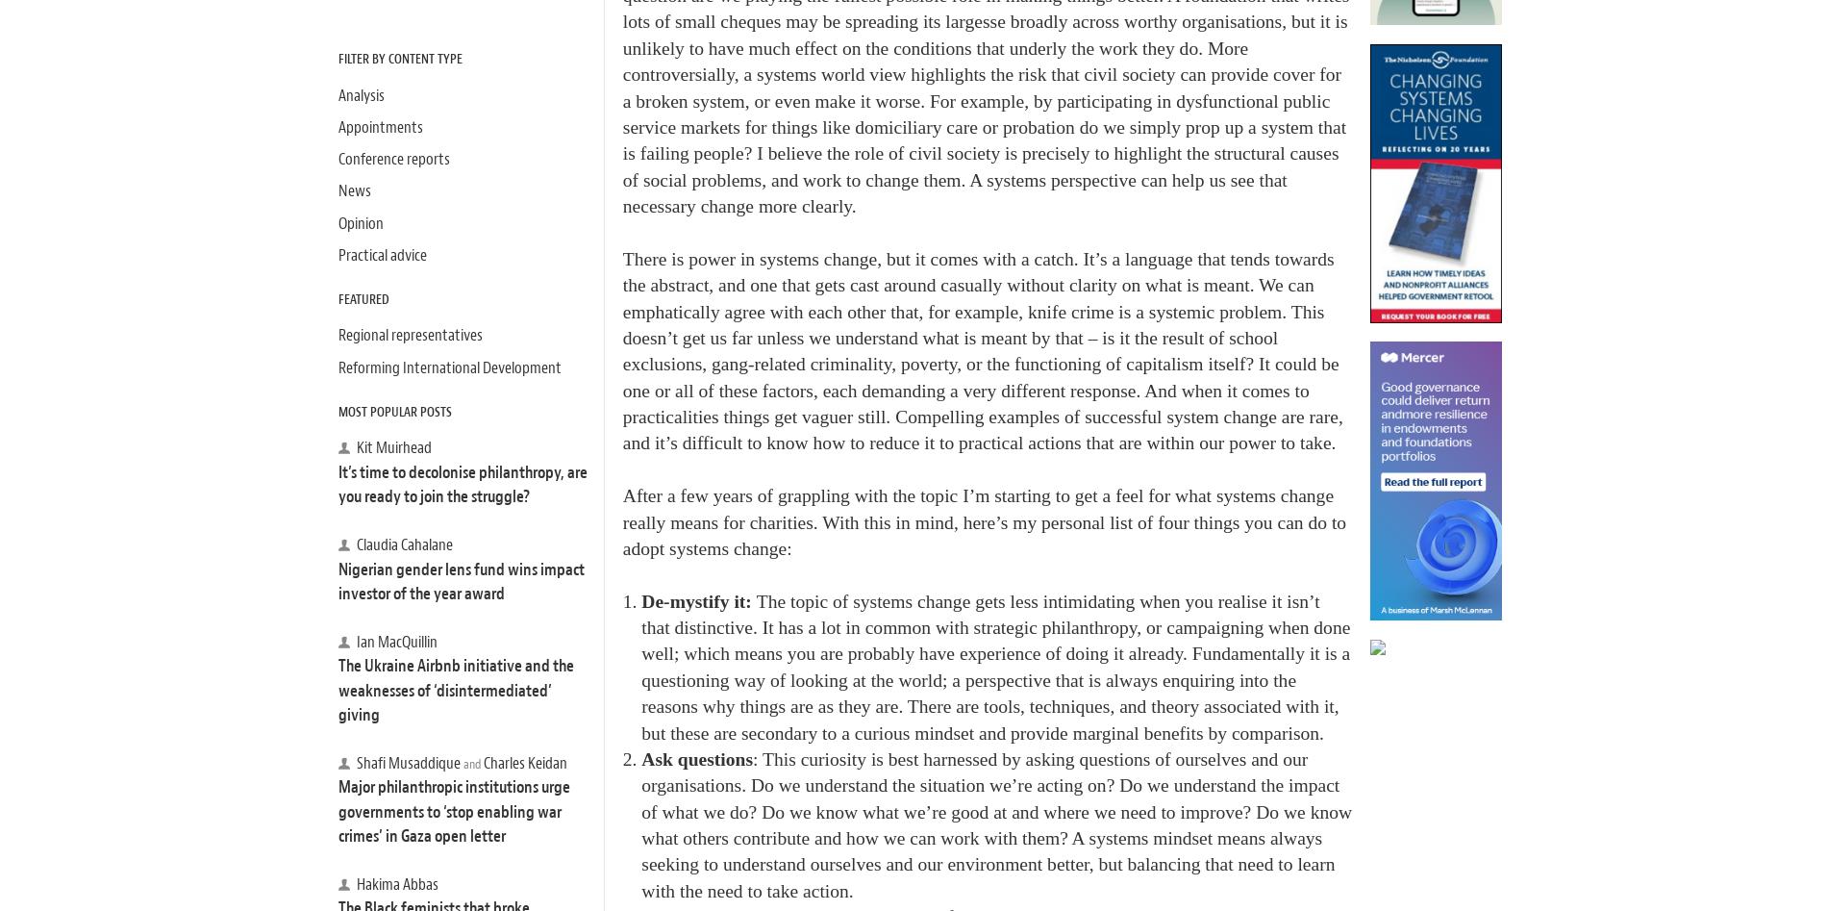  Describe the element at coordinates (392, 447) in the screenshot. I see `'Kit Muirhead'` at that location.